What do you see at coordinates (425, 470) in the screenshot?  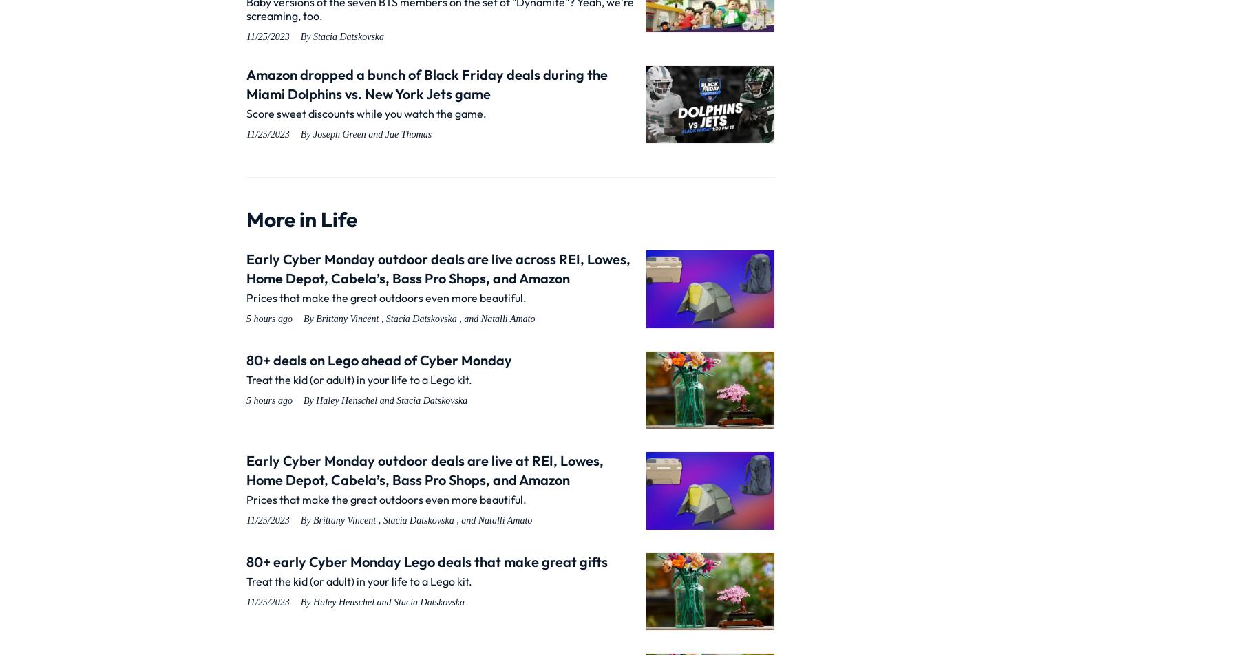 I see `'Early Cyber Monday outdoor deals are live at REI, Lowes, Home Depot, Cabela’s, Bass Pro Shops, and Amazon'` at bounding box center [425, 470].